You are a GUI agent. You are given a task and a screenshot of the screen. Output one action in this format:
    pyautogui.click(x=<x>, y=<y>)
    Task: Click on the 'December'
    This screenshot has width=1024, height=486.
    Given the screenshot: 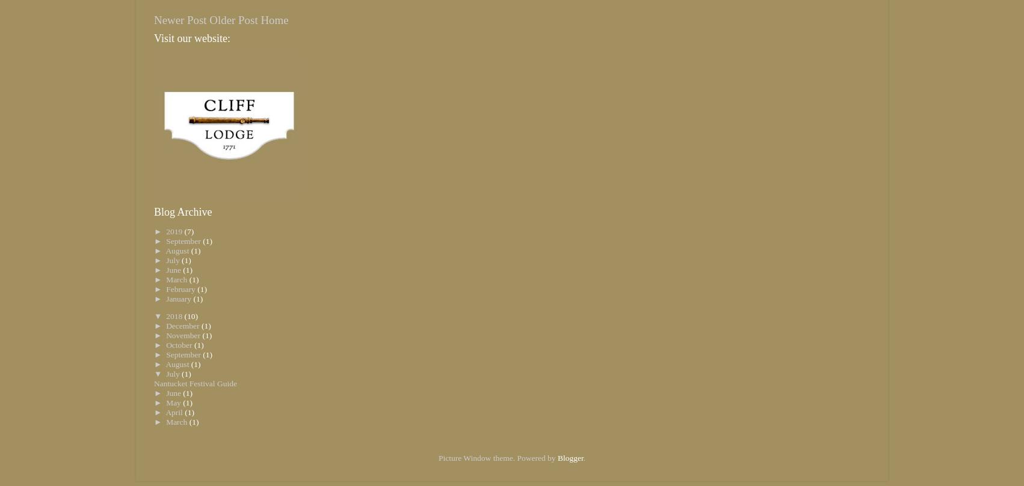 What is the action you would take?
    pyautogui.click(x=183, y=326)
    